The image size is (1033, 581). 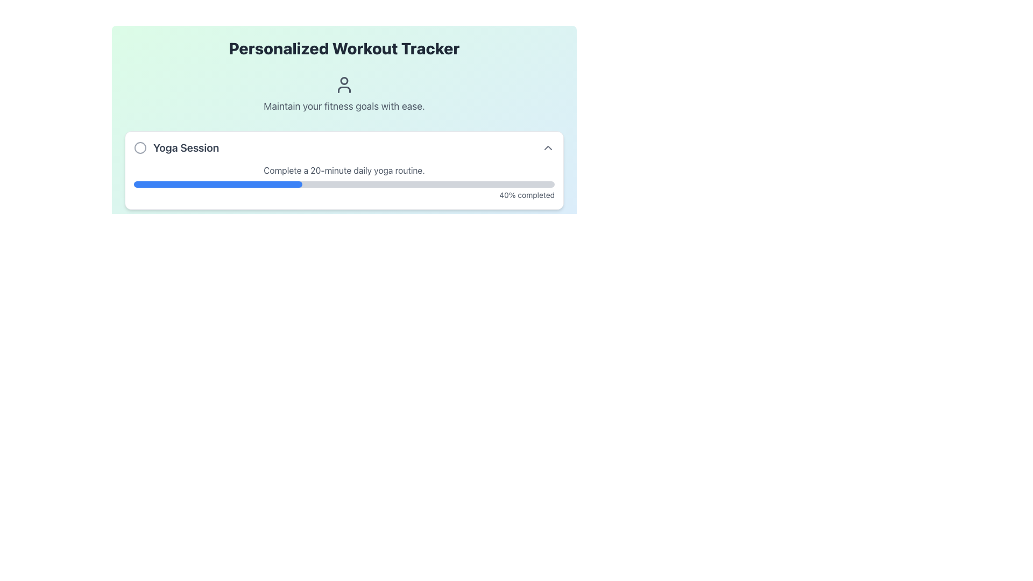 What do you see at coordinates (139, 147) in the screenshot?
I see `the circular SVG element located to the left of the 'Yoga Session' text, which is part of a compact layout at the top left of the card describing the Yoga Session task` at bounding box center [139, 147].